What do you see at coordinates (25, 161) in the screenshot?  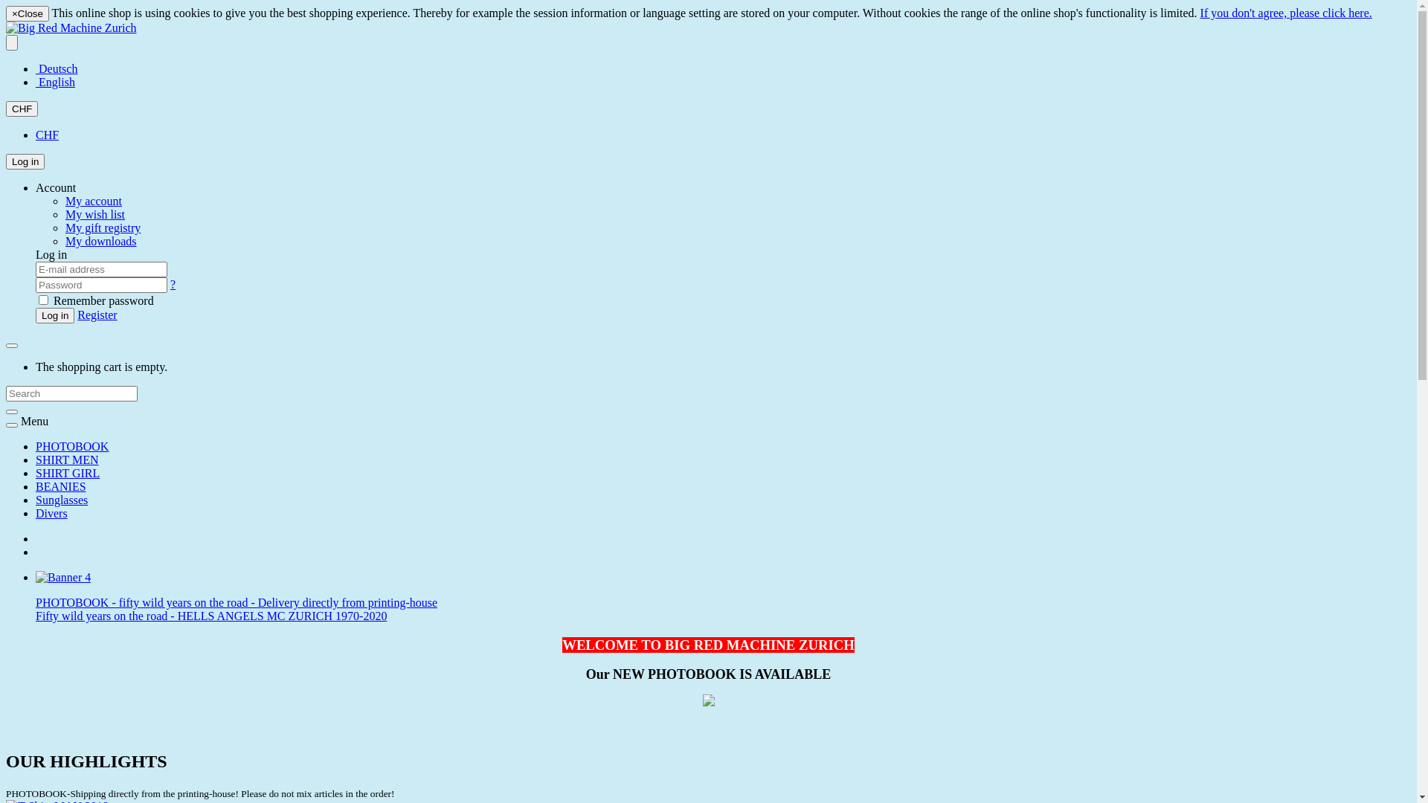 I see `'Log in'` at bounding box center [25, 161].